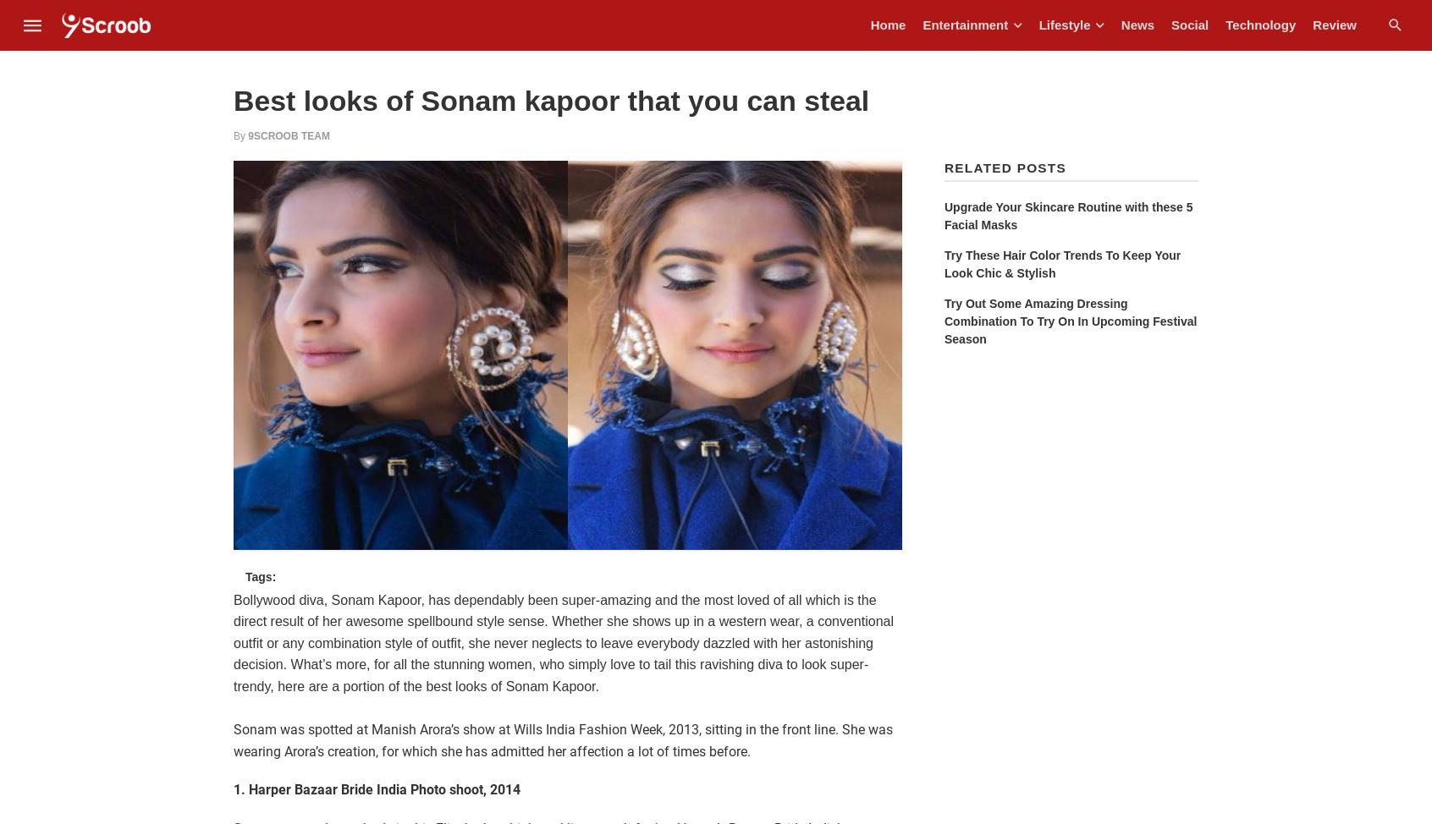  Describe the element at coordinates (376, 788) in the screenshot. I see `'1. Harper Bazaar Bride India Photo shoot, 2014'` at that location.